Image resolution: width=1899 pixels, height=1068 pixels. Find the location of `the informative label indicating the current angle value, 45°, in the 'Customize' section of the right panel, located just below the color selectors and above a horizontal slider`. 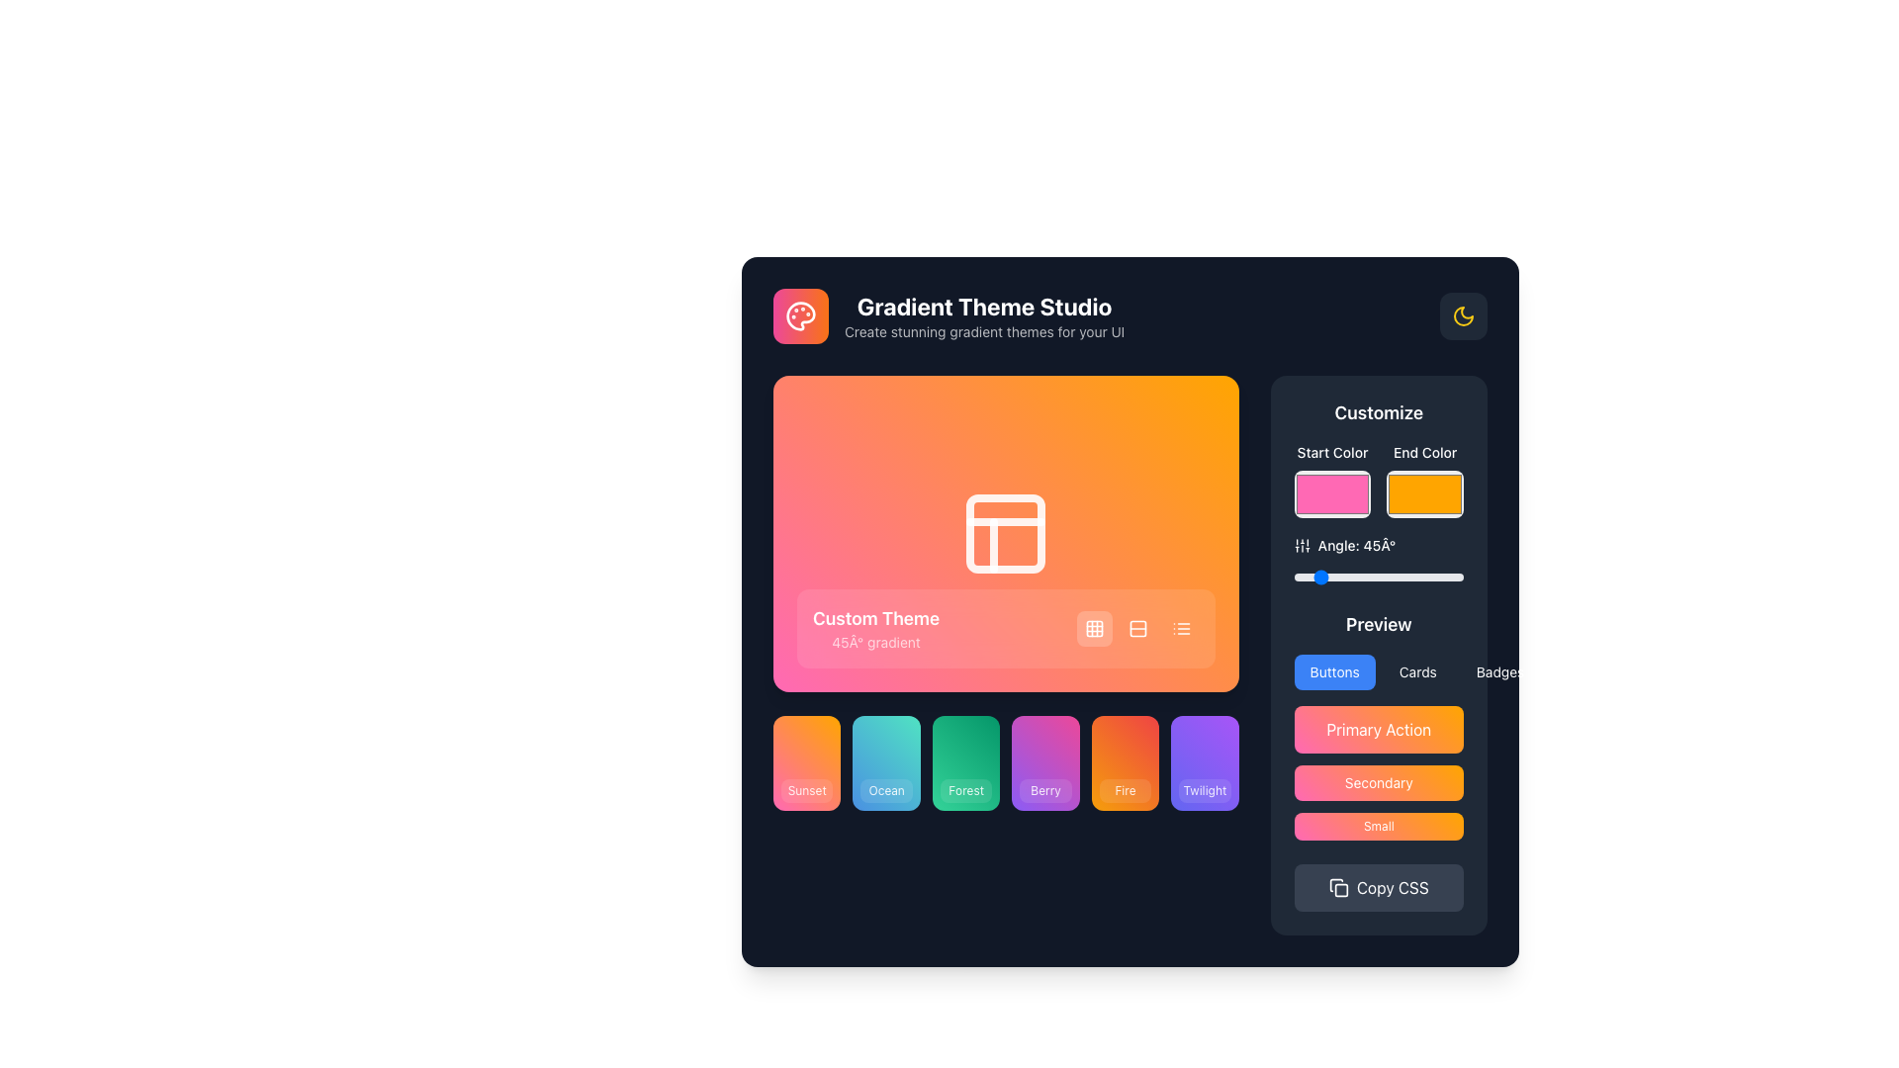

the informative label indicating the current angle value, 45°, in the 'Customize' section of the right panel, located just below the color selectors and above a horizontal slider is located at coordinates (1378, 545).